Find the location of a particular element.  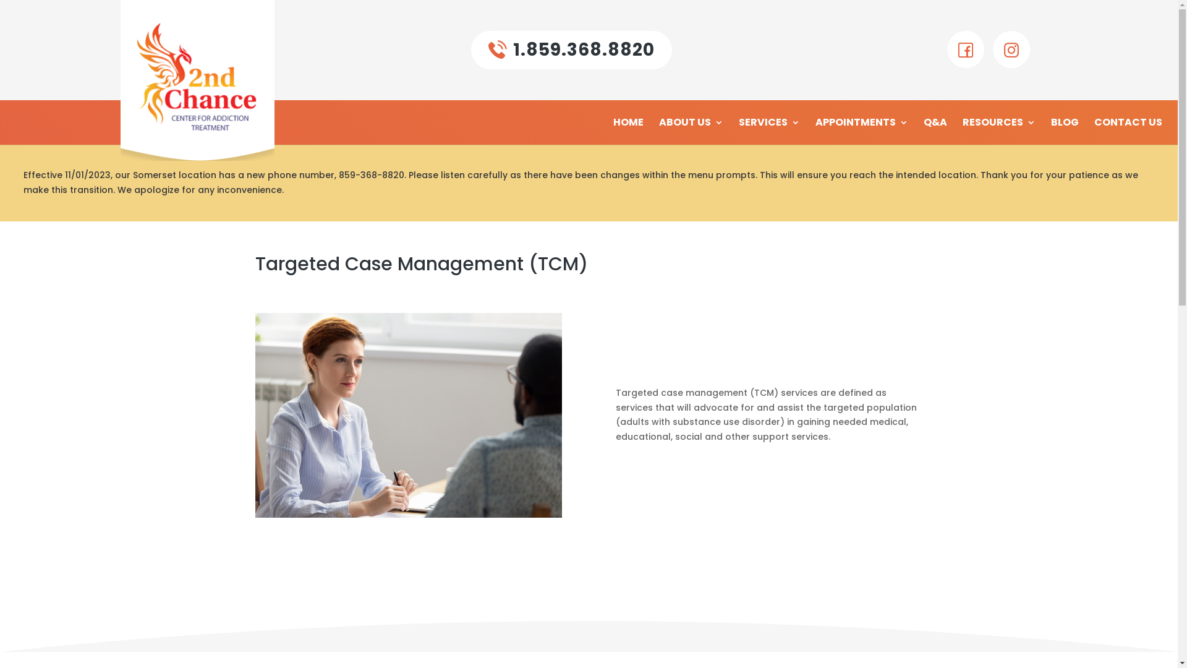

'HOME' is located at coordinates (628, 131).